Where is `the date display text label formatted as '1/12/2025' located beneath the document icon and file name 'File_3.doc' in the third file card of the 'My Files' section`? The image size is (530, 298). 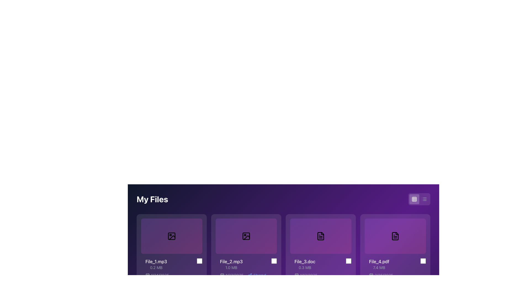
the date display text label formatted as '1/12/2025' located beneath the document icon and file name 'File_3.doc' in the third file card of the 'My Files' section is located at coordinates (306, 275).